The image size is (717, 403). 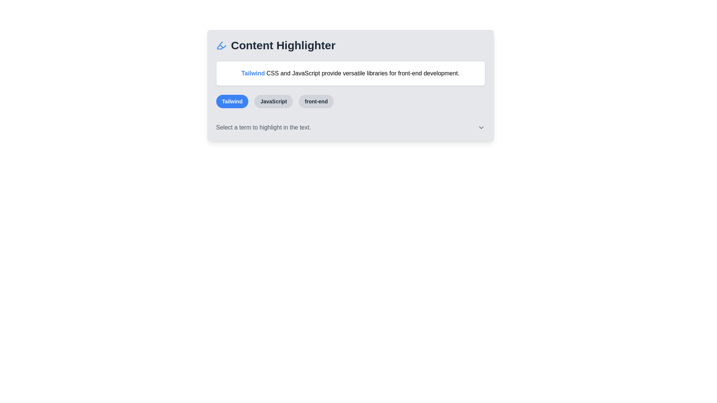 What do you see at coordinates (263, 127) in the screenshot?
I see `the static instructional text positioned at the center of the lower portion of the content area, which provides guidance to the user` at bounding box center [263, 127].